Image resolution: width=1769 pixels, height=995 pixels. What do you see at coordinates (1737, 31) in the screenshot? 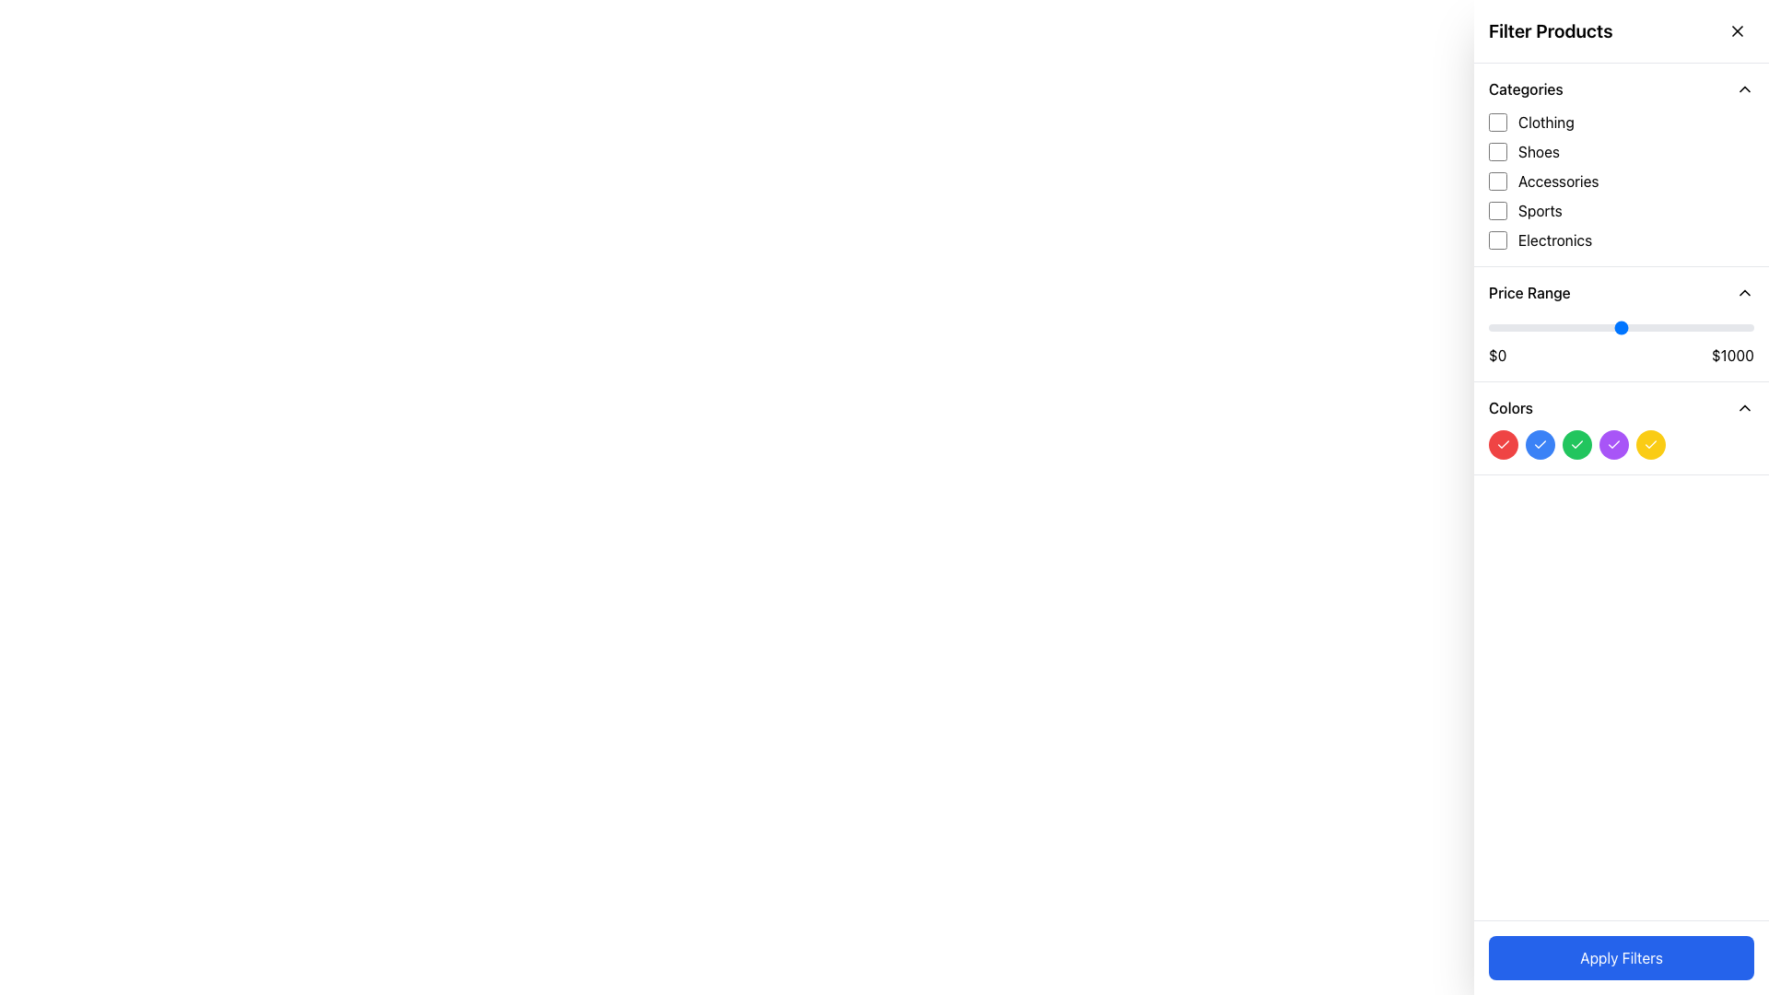
I see `the Close Button icon, which is a diagonal cross mark resembling the letter 'X', located in the top-right corner of the filter panel` at bounding box center [1737, 31].